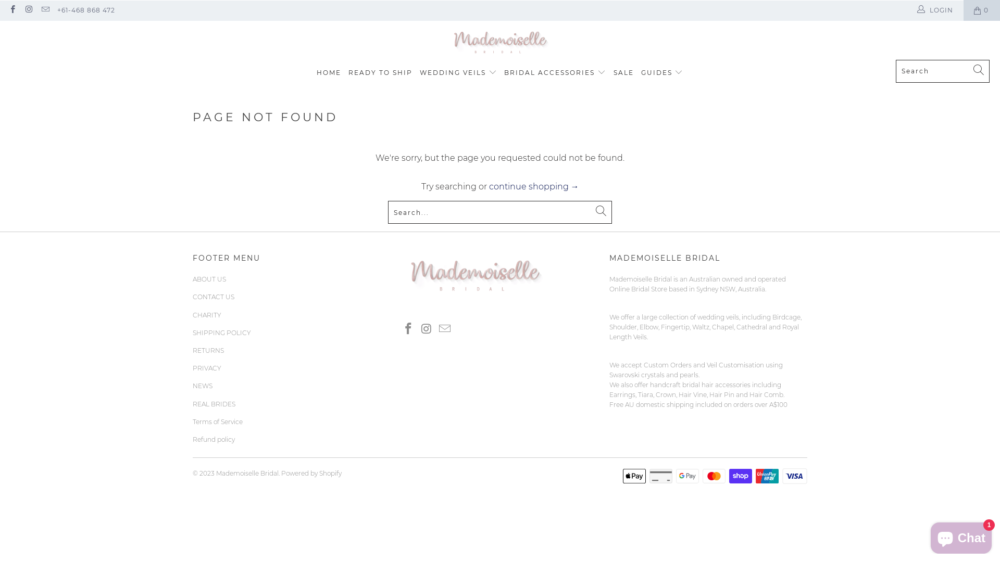  I want to click on 'SALE', so click(623, 72).